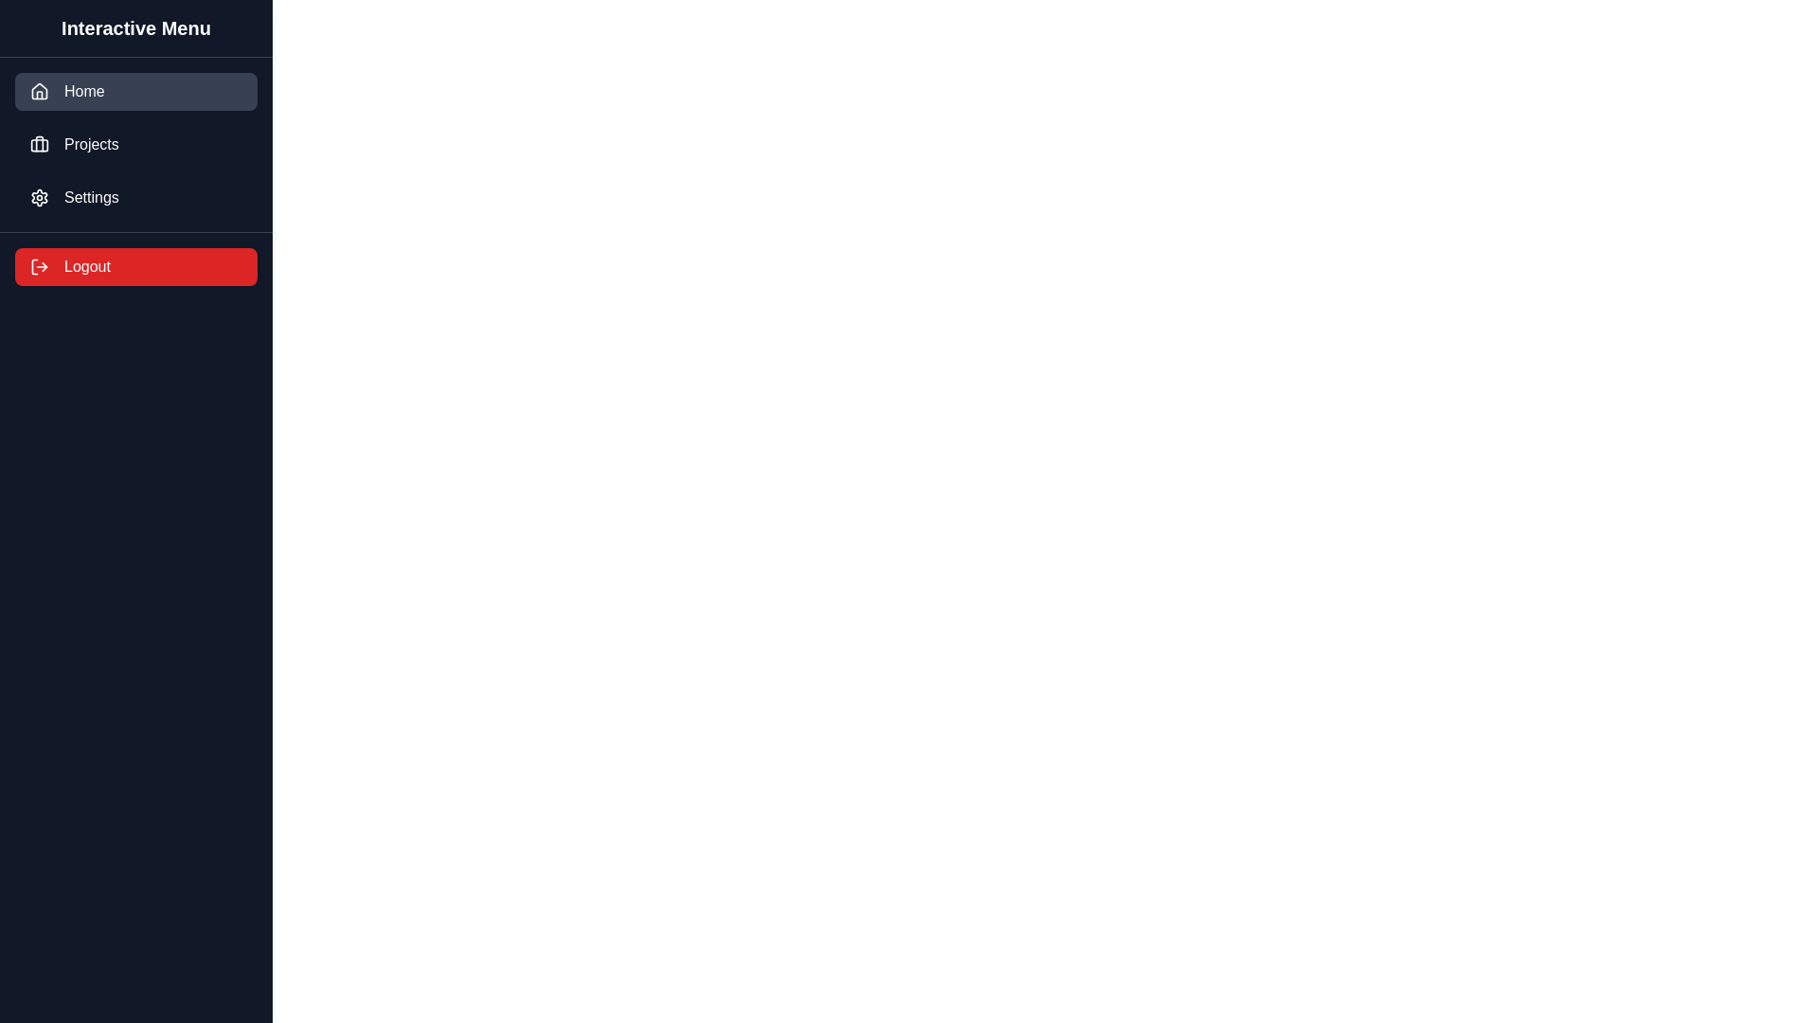 The width and height of the screenshot is (1818, 1023). What do you see at coordinates (135, 197) in the screenshot?
I see `the settings navigation button located as the third item in the vertical list under 'Projects' and above 'Logout'` at bounding box center [135, 197].